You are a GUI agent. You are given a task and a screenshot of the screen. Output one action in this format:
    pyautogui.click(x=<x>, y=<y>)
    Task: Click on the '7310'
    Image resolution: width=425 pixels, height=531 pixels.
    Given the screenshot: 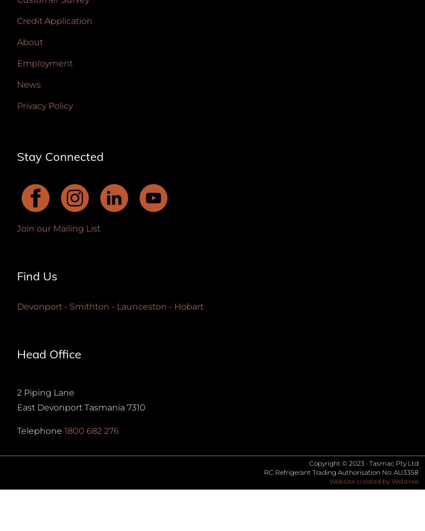 What is the action you would take?
    pyautogui.click(x=135, y=407)
    